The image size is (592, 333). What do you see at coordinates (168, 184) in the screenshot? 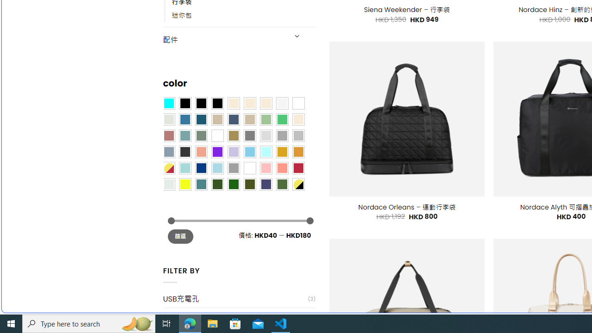
I see `'Dull Nickle'` at bounding box center [168, 184].